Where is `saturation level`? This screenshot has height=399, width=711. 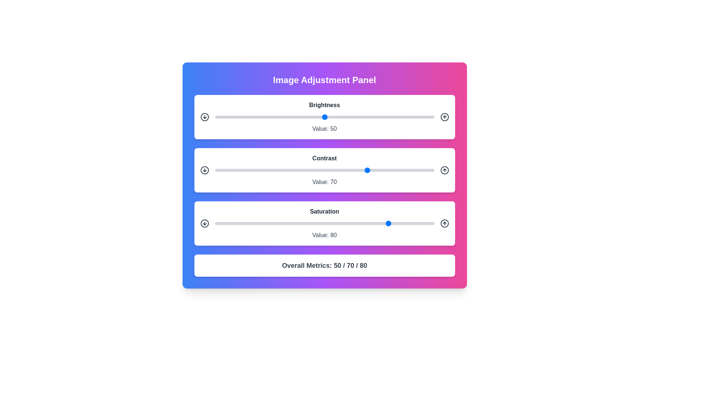 saturation level is located at coordinates (305, 223).